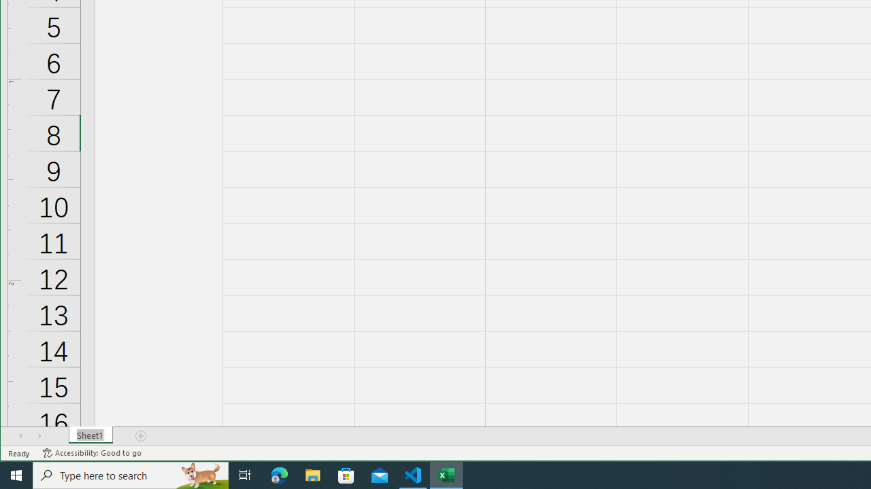 Image resolution: width=871 pixels, height=489 pixels. Describe the element at coordinates (412, 474) in the screenshot. I see `'Visual Studio Code - 1 running window'` at that location.